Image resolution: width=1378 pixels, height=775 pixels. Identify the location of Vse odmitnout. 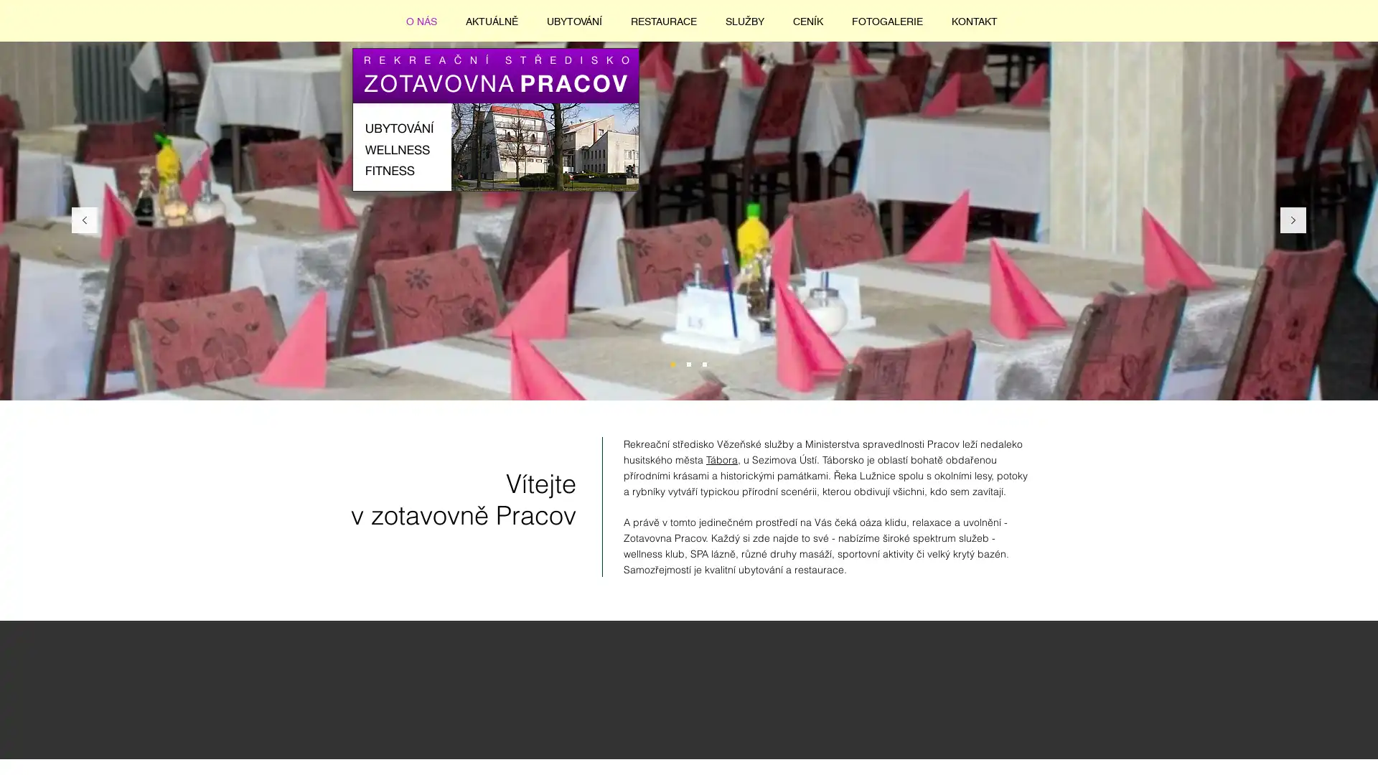
(1218, 749).